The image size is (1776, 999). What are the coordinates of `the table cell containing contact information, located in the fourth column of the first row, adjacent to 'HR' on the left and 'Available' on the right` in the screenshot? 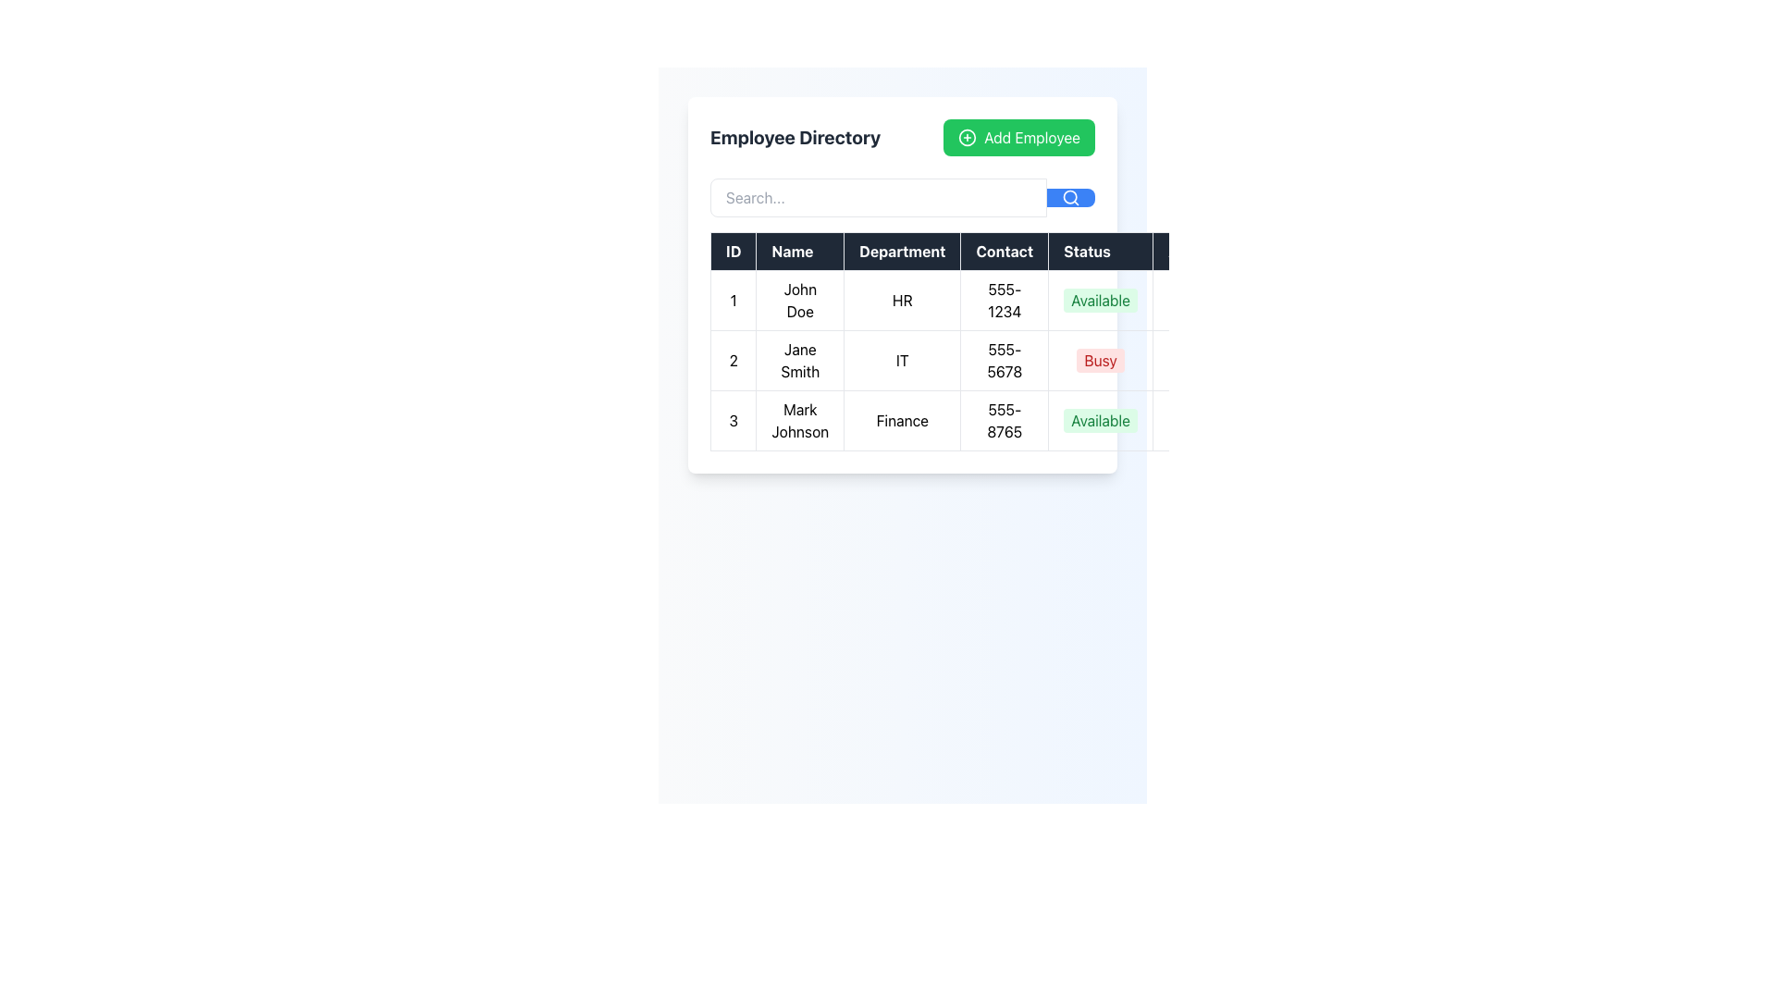 It's located at (1004, 299).